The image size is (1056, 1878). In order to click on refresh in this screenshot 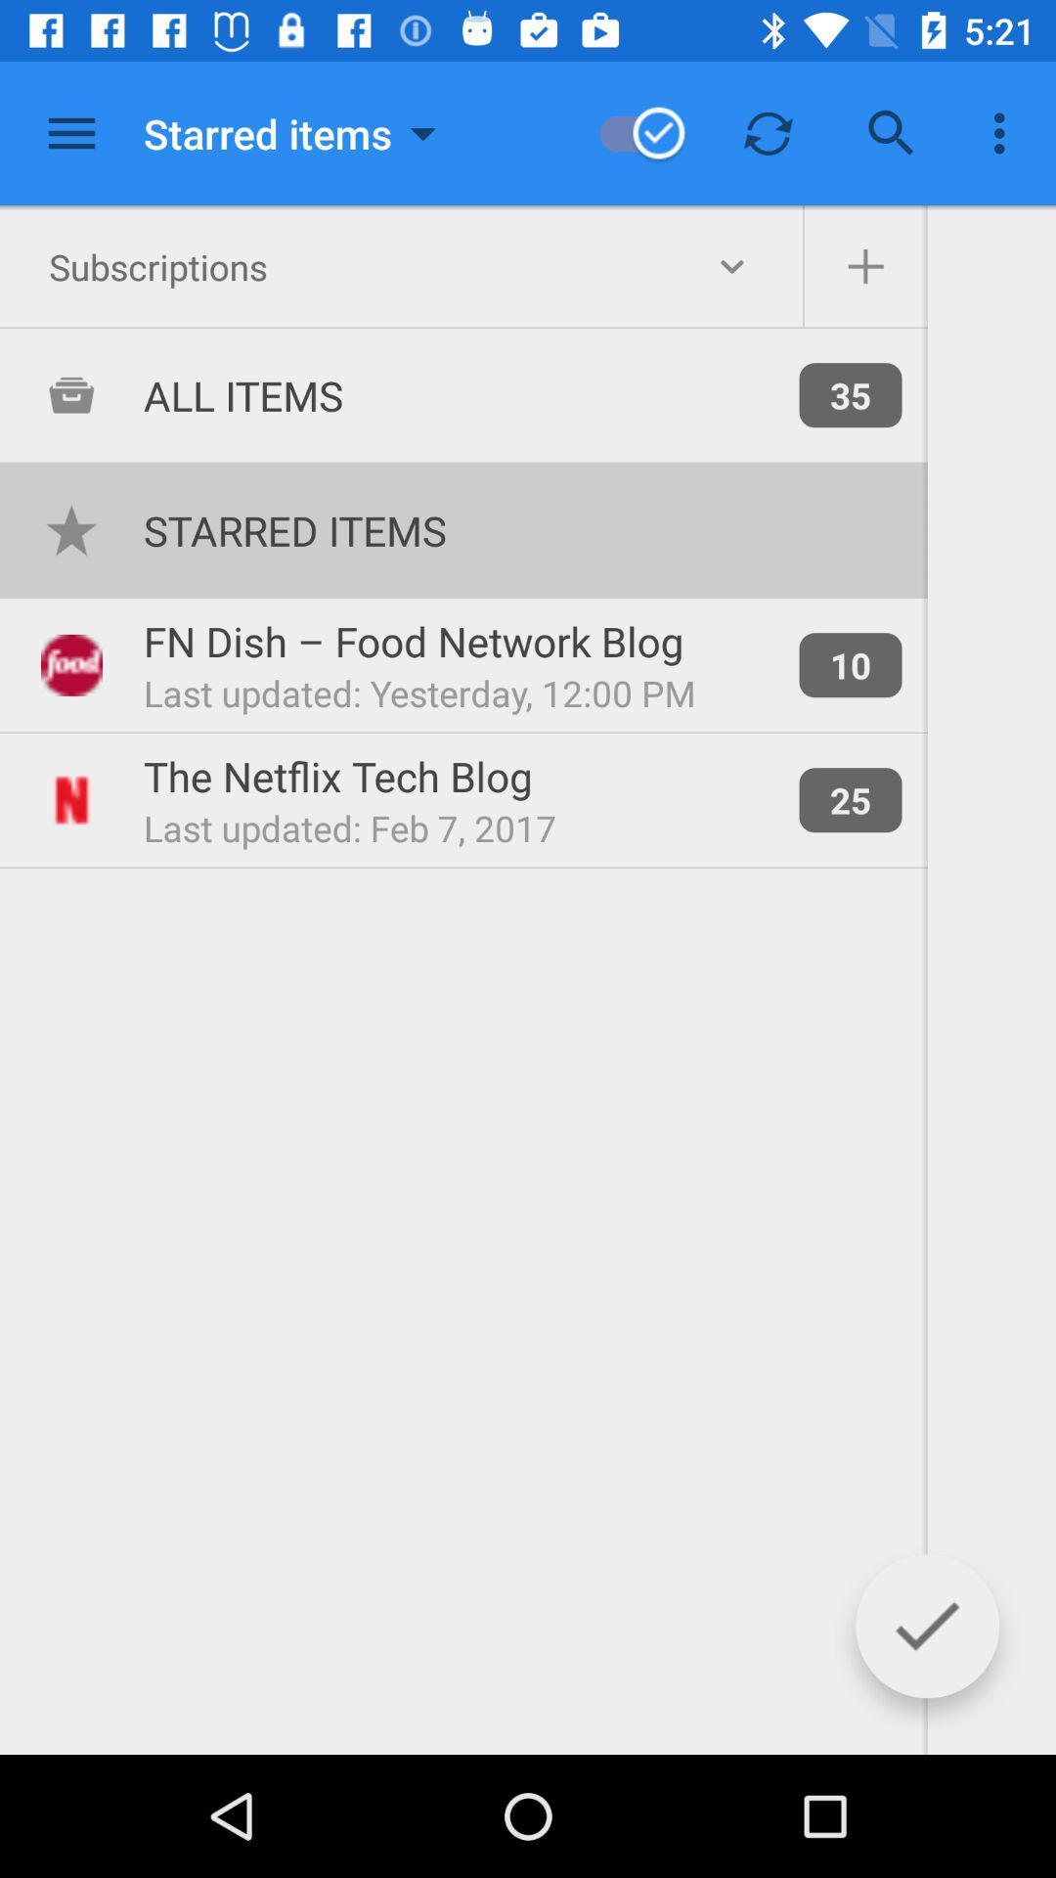, I will do `click(768, 132)`.